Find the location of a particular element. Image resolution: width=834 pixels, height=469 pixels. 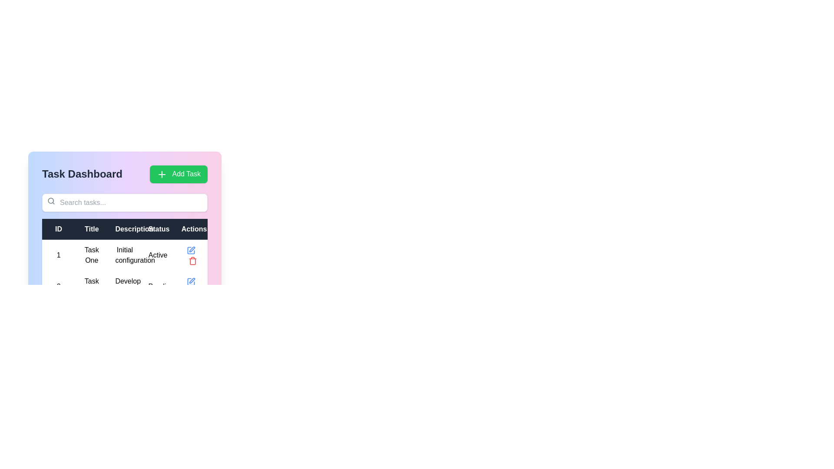

text from the Table Header Cell labeled 'ID', which is displayed in a white sans-serif font on a dark blue background, located in the first column of the header row of the table is located at coordinates (58, 228).